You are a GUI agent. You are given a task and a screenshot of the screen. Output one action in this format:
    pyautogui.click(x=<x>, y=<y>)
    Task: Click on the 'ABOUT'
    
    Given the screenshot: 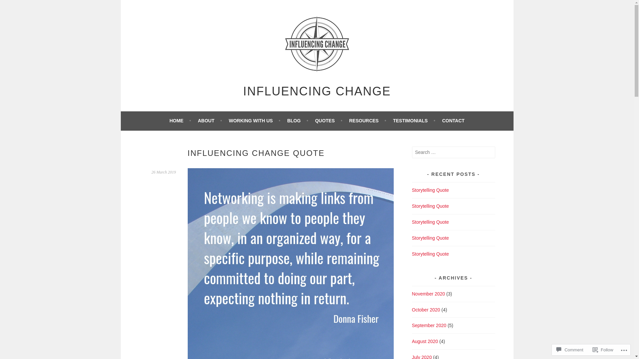 What is the action you would take?
    pyautogui.click(x=209, y=120)
    